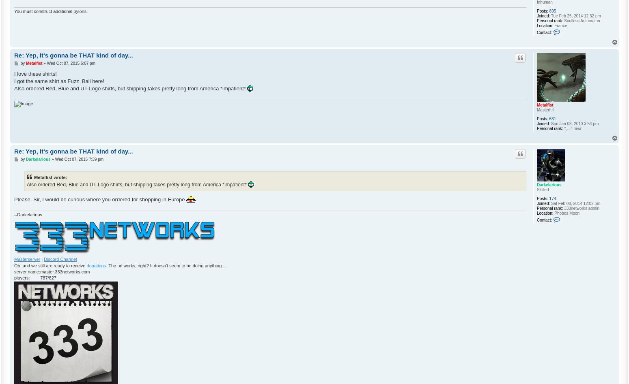  I want to click on 'Metalfist wrote:', so click(50, 177).